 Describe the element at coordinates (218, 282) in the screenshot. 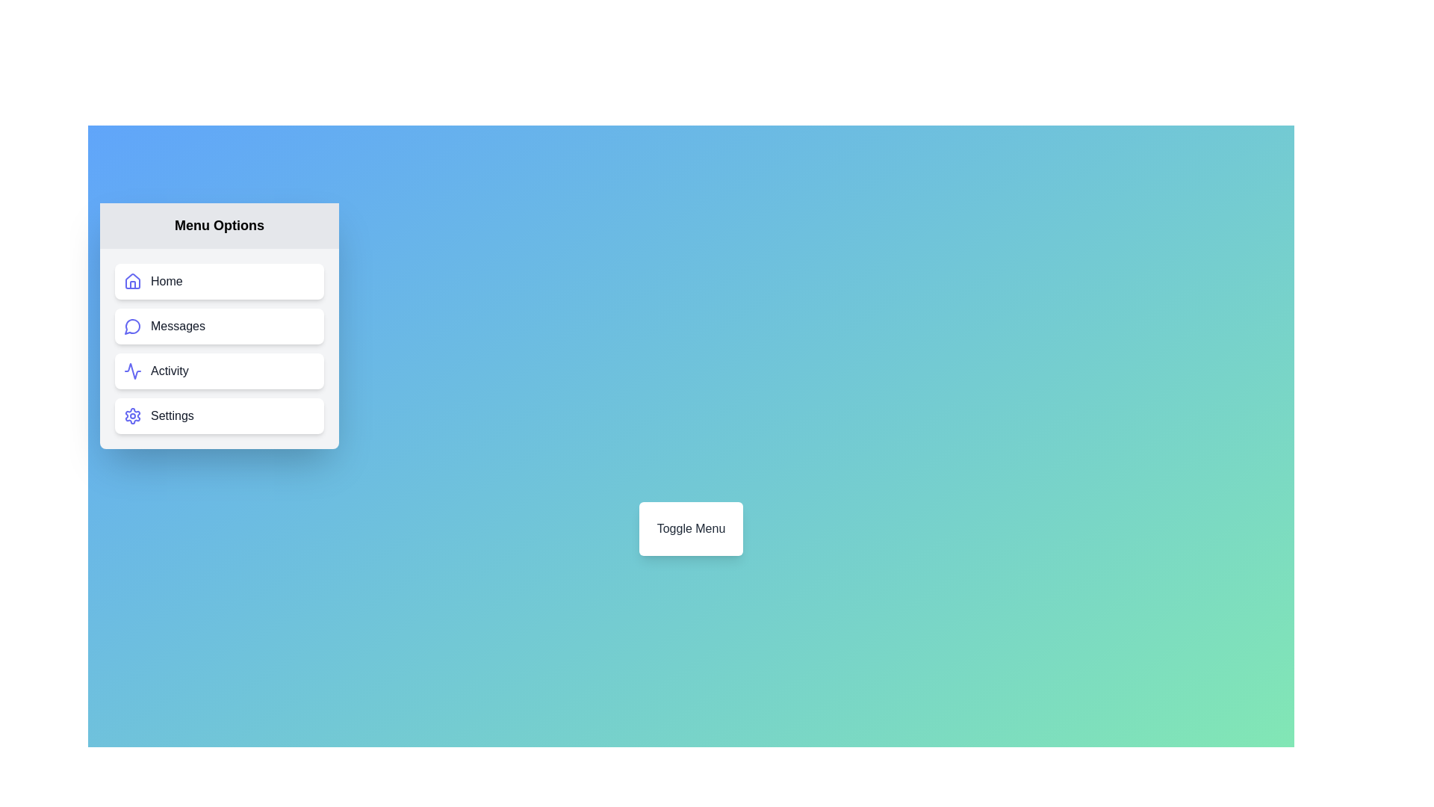

I see `the menu item labeled Home to observe its hover effect` at that location.